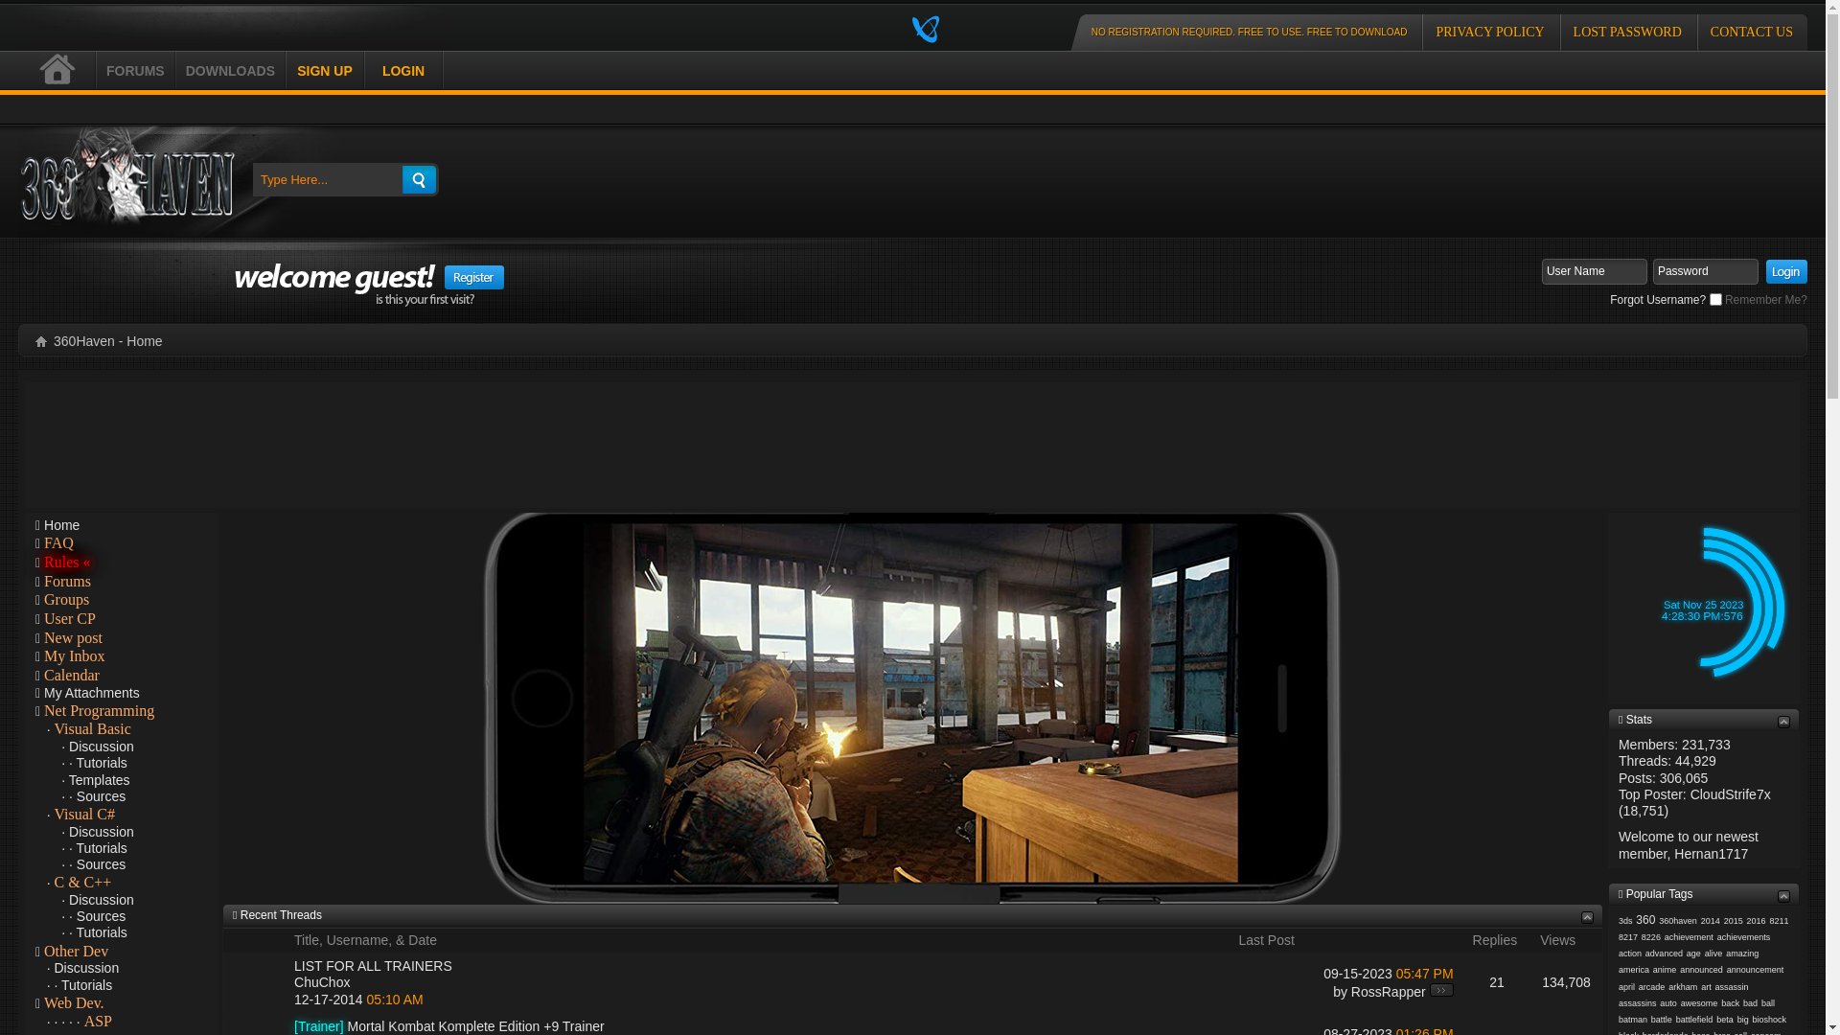 The width and height of the screenshot is (1840, 1035). I want to click on 'Forgot Username?', so click(1656, 299).